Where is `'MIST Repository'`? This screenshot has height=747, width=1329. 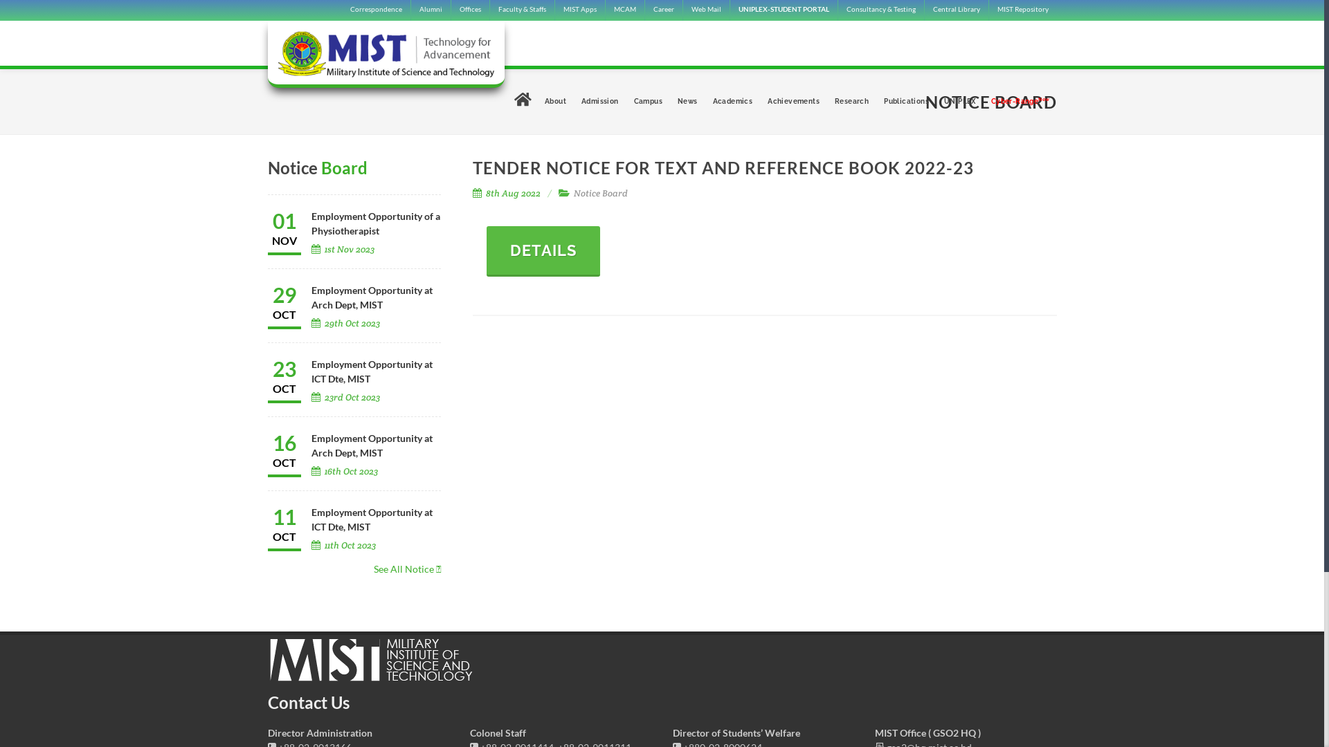 'MIST Repository' is located at coordinates (1022, 10).